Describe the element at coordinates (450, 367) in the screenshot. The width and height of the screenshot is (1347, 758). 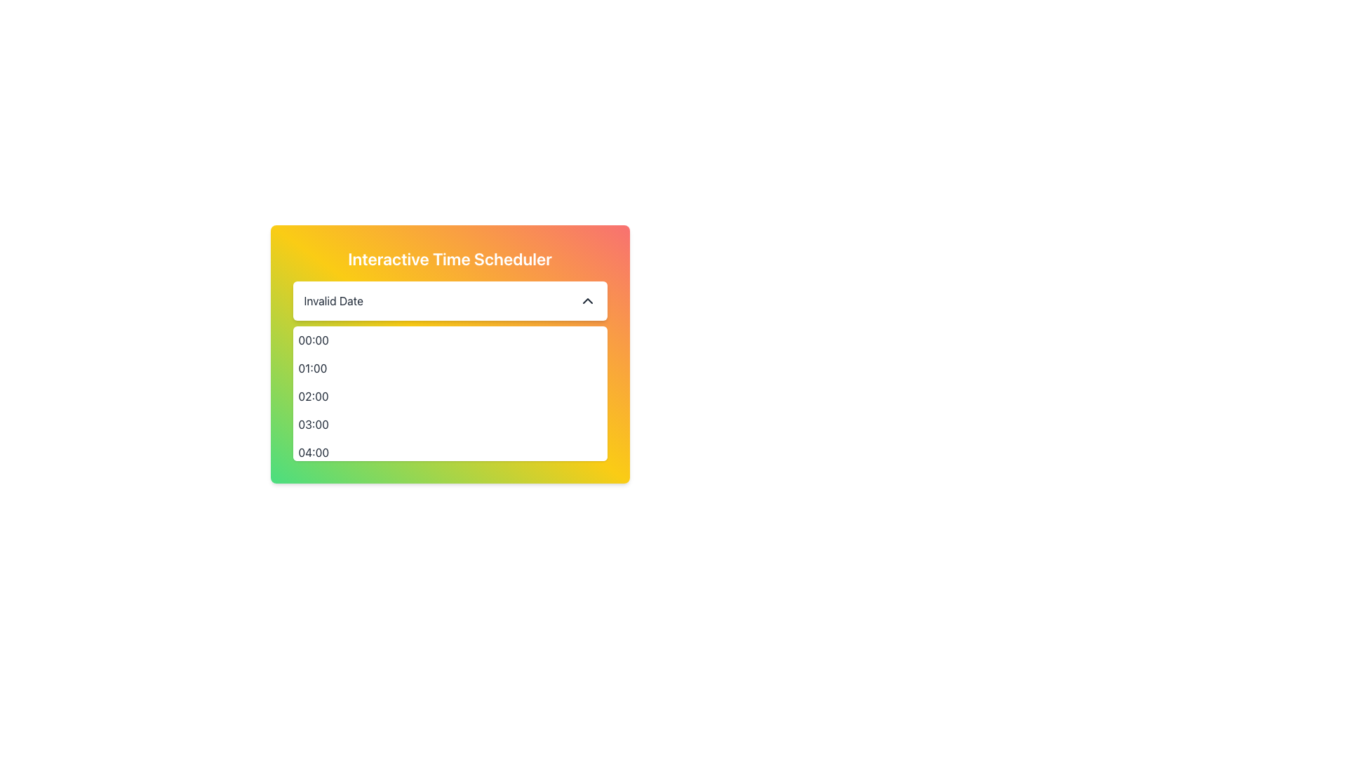
I see `the second item in the dropdown menu` at that location.